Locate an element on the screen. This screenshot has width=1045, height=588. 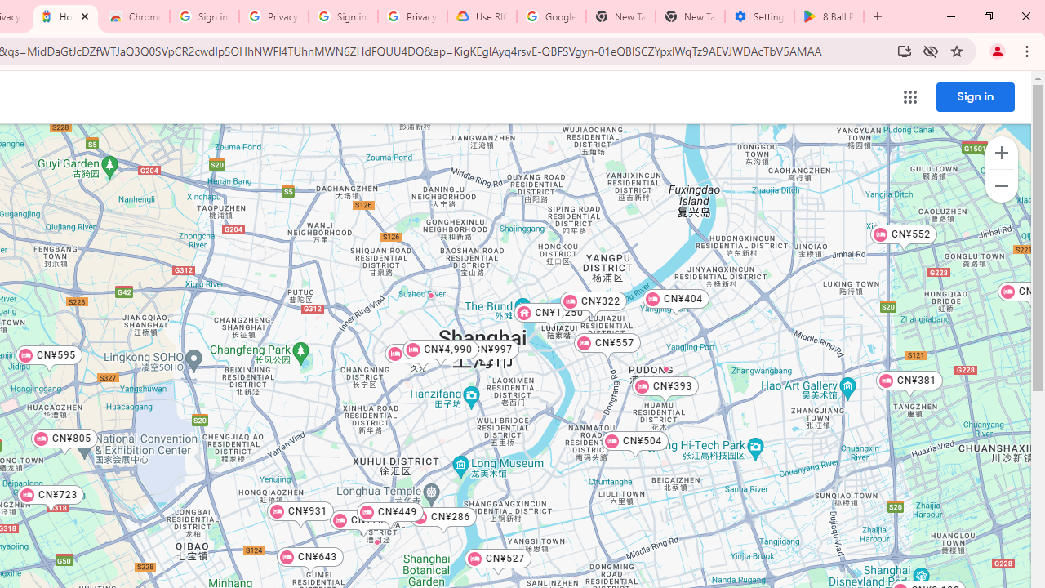
'Settings - System' is located at coordinates (758, 16).